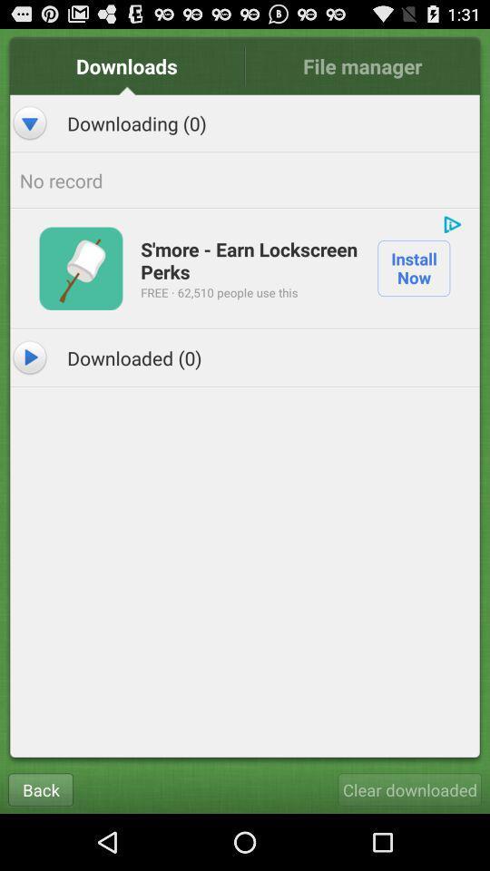  I want to click on the app below no record, so click(80, 267).